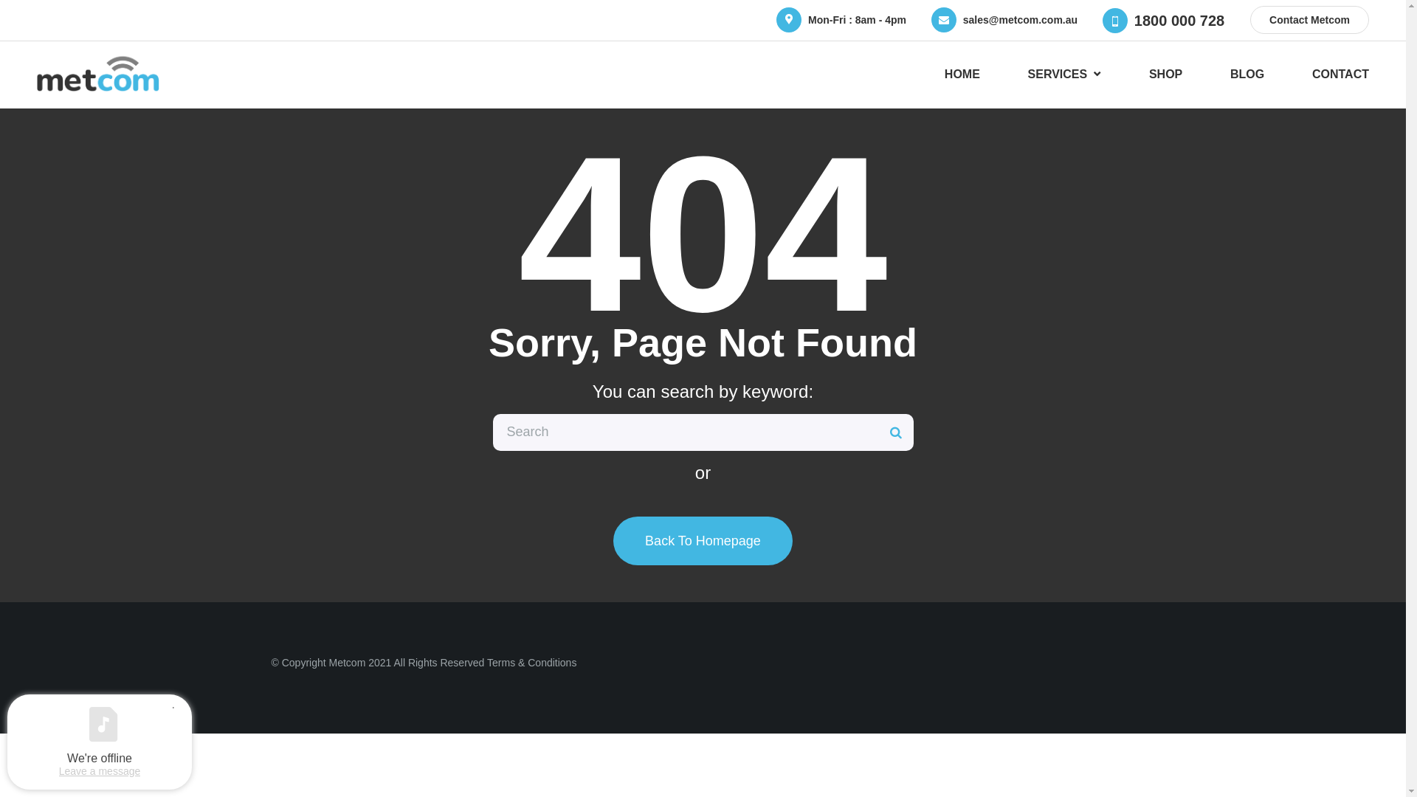  I want to click on 'Contact Metcom', so click(1249, 20).